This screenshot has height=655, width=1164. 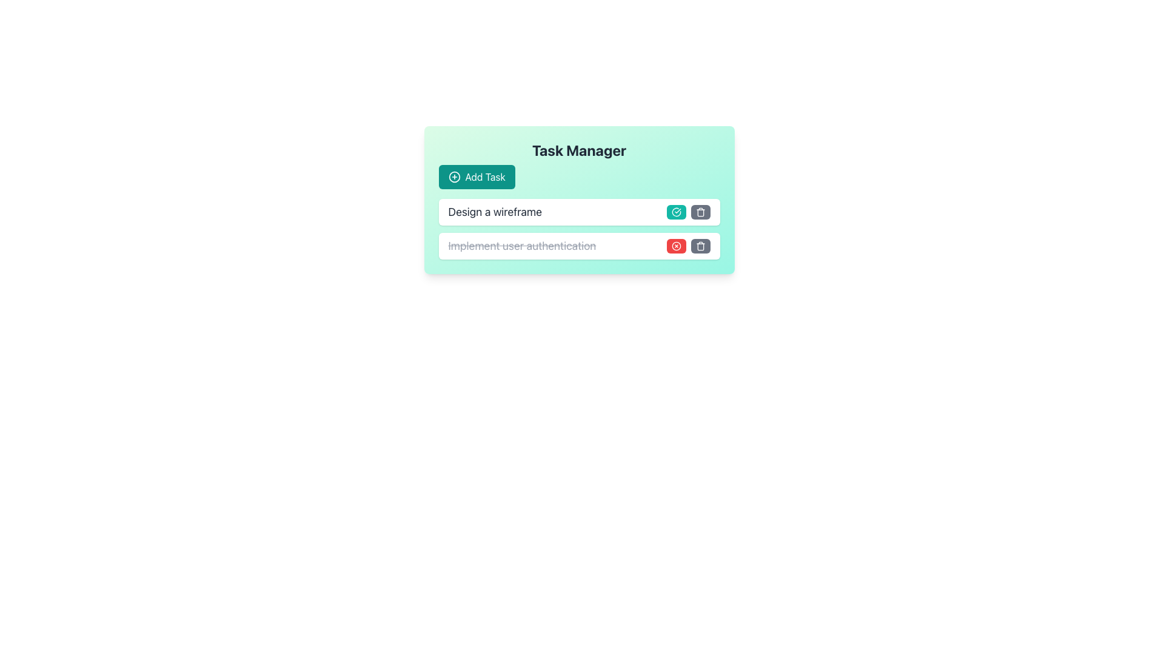 What do you see at coordinates (453, 177) in the screenshot?
I see `the circular decorative shape with a teal outline located at the center of the 'Add Task' button with a dark teal background` at bounding box center [453, 177].